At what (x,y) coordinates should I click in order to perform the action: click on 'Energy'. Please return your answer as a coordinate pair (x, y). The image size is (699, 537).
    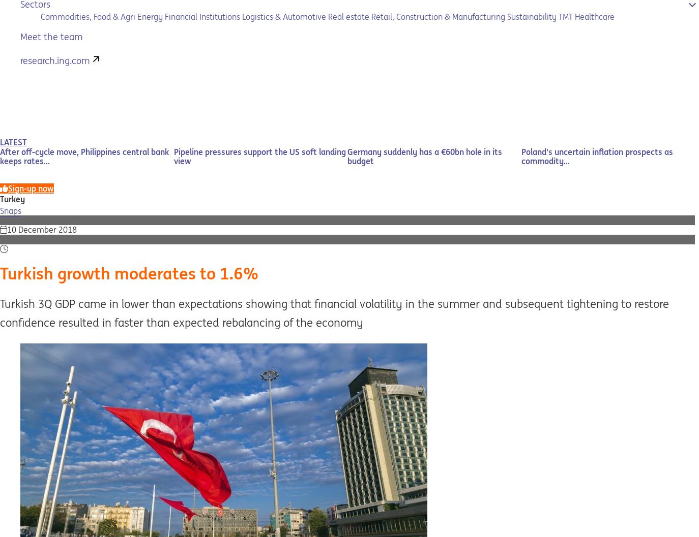
    Looking at the image, I should click on (149, 16).